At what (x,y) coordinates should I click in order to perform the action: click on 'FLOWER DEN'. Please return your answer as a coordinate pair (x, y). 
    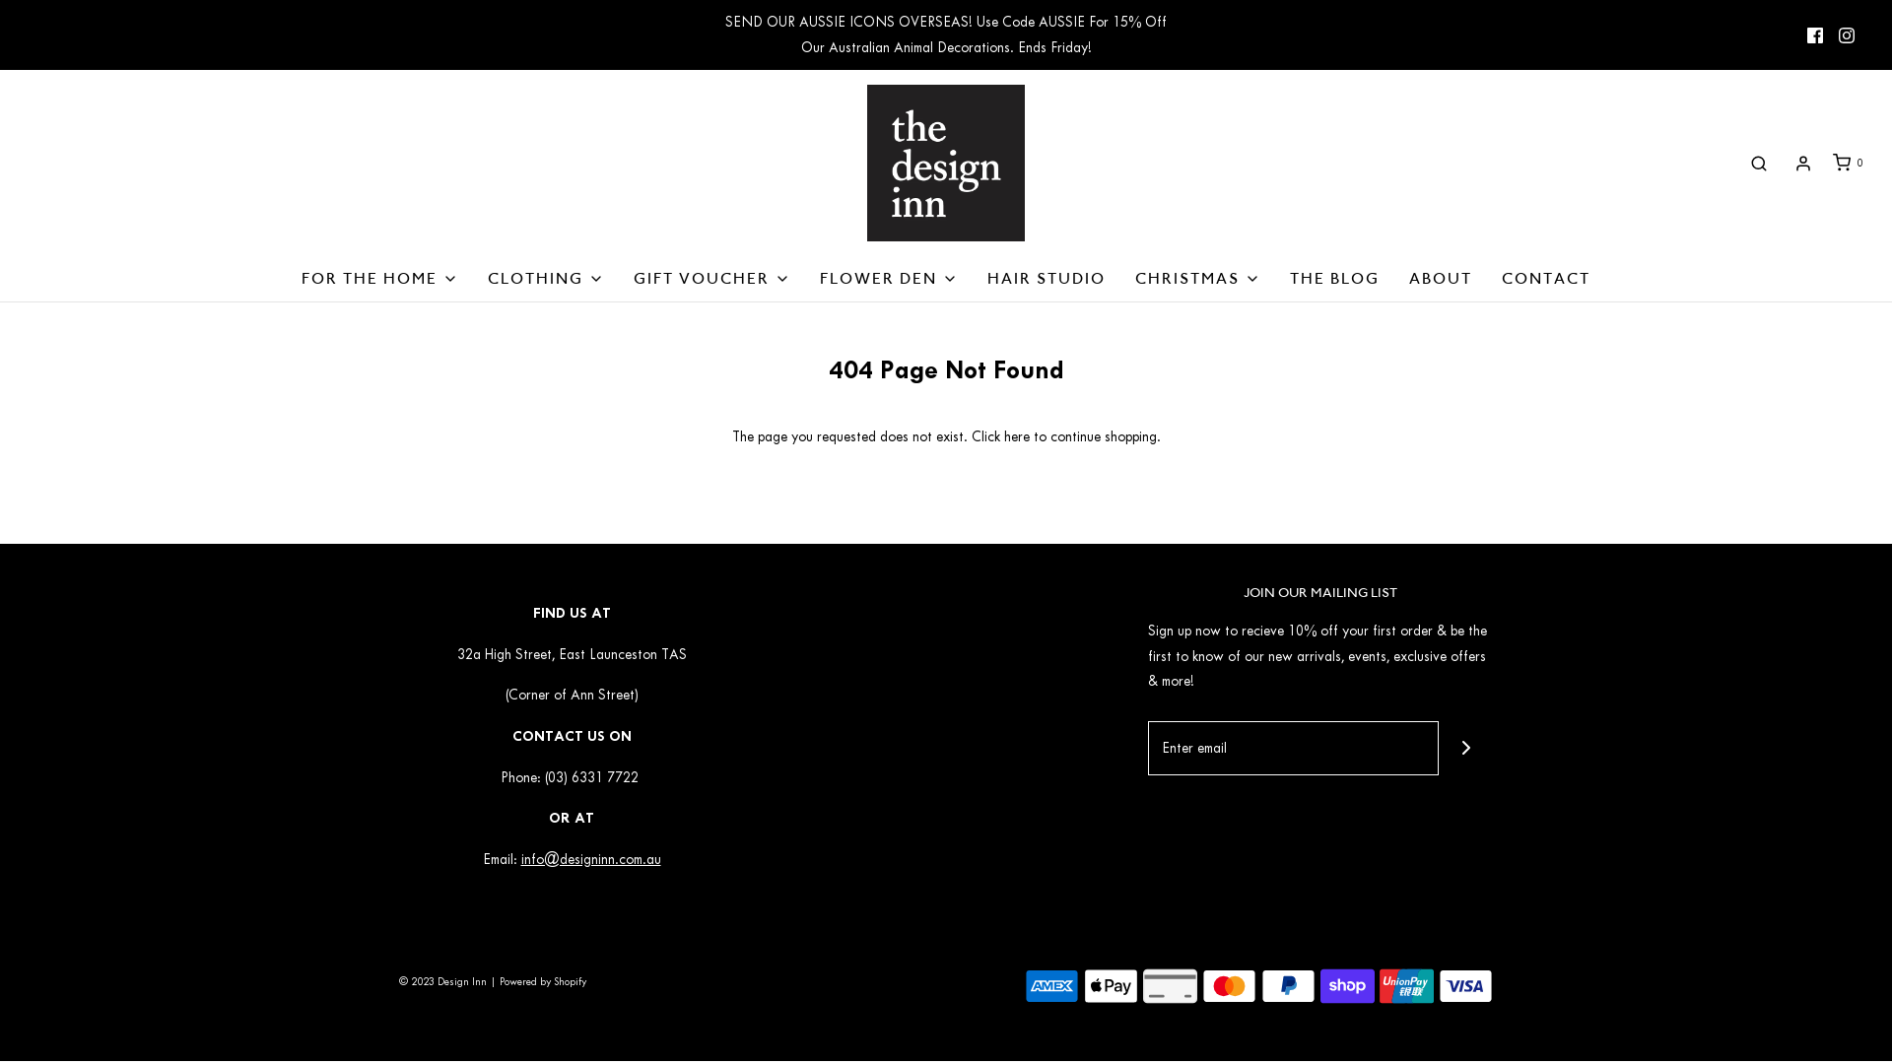
    Looking at the image, I should click on (819, 278).